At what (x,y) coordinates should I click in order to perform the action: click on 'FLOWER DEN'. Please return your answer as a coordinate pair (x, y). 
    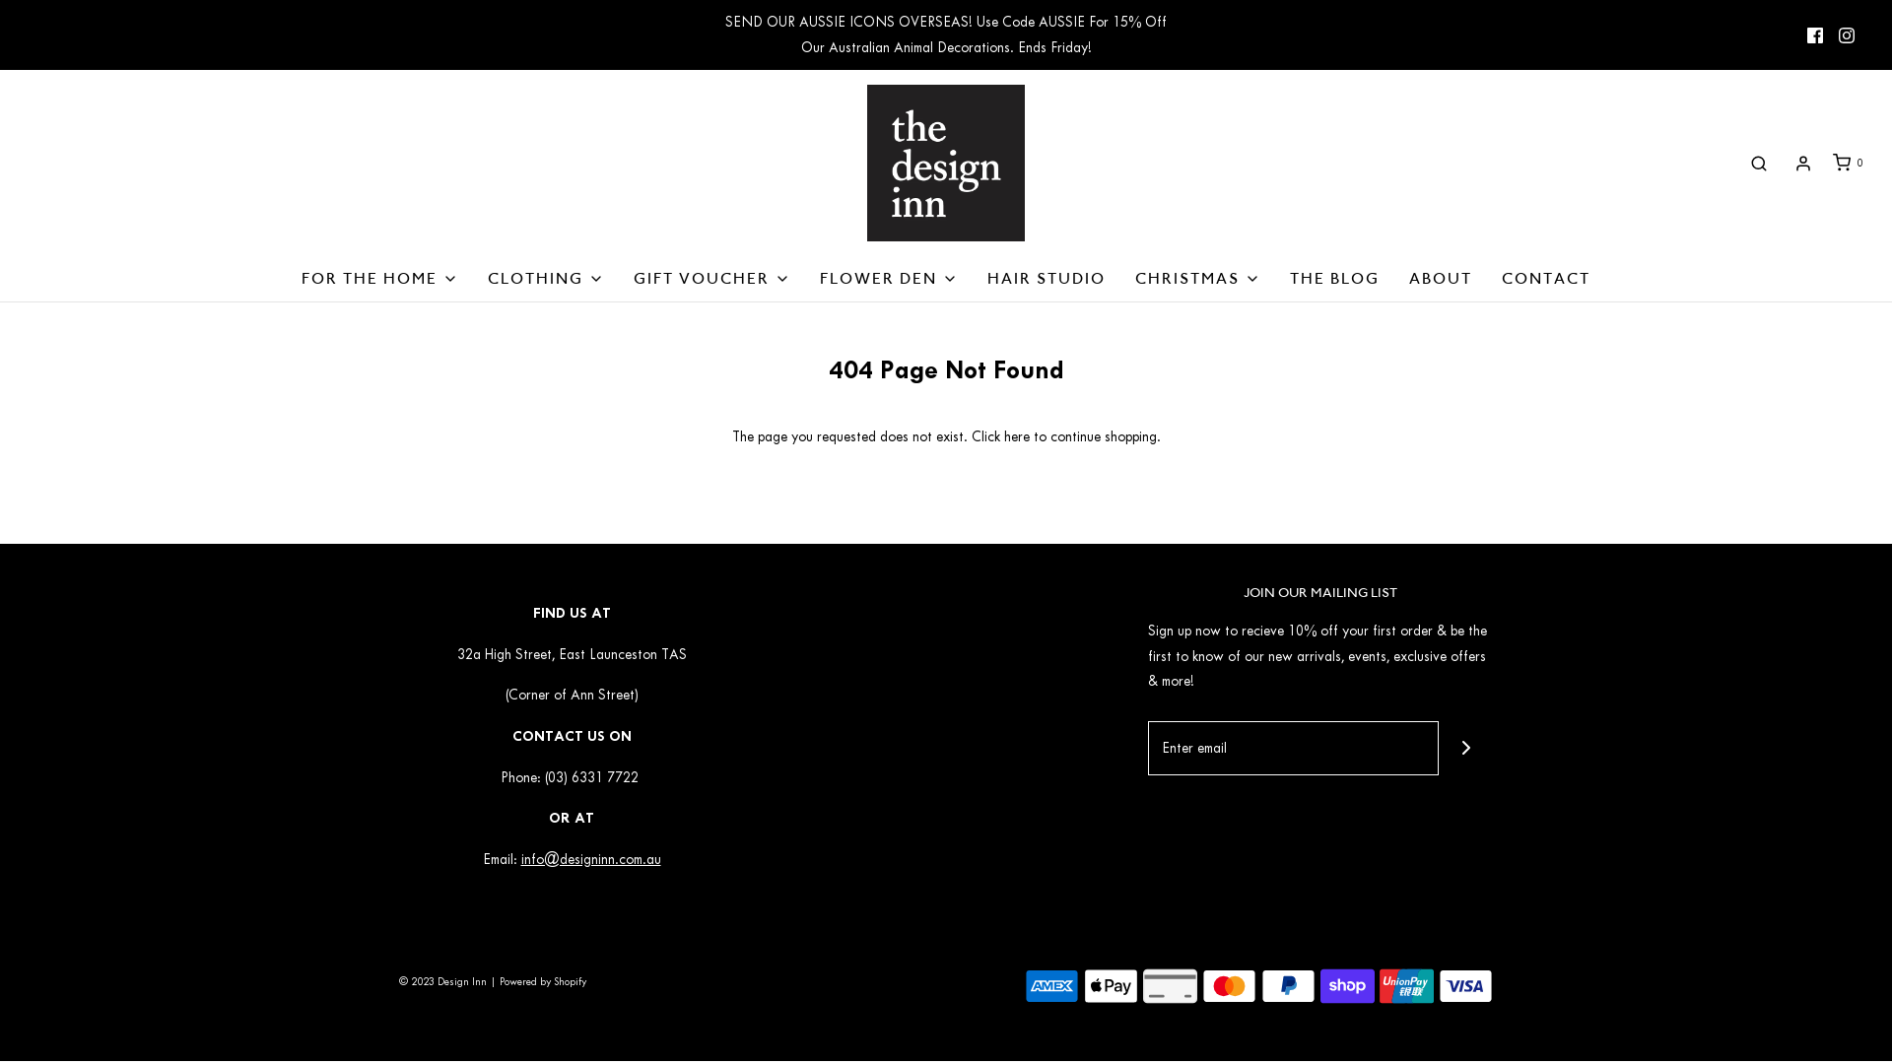
    Looking at the image, I should click on (819, 278).